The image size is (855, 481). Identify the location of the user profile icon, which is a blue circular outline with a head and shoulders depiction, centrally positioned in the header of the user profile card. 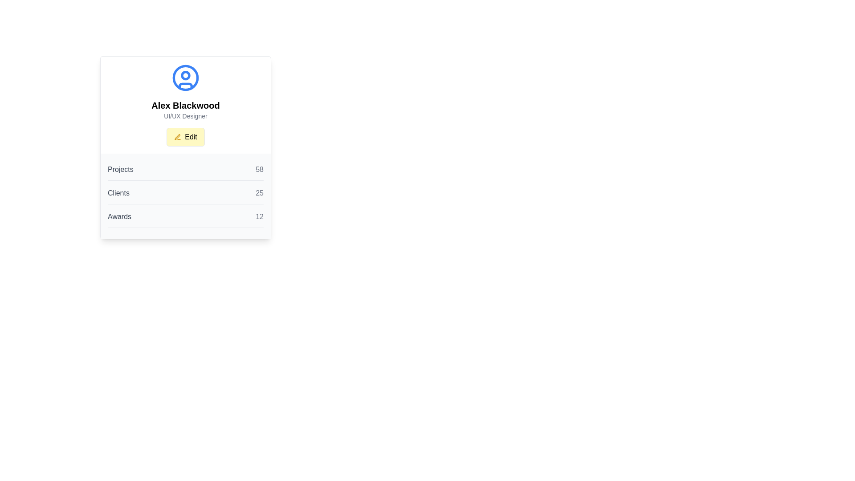
(185, 77).